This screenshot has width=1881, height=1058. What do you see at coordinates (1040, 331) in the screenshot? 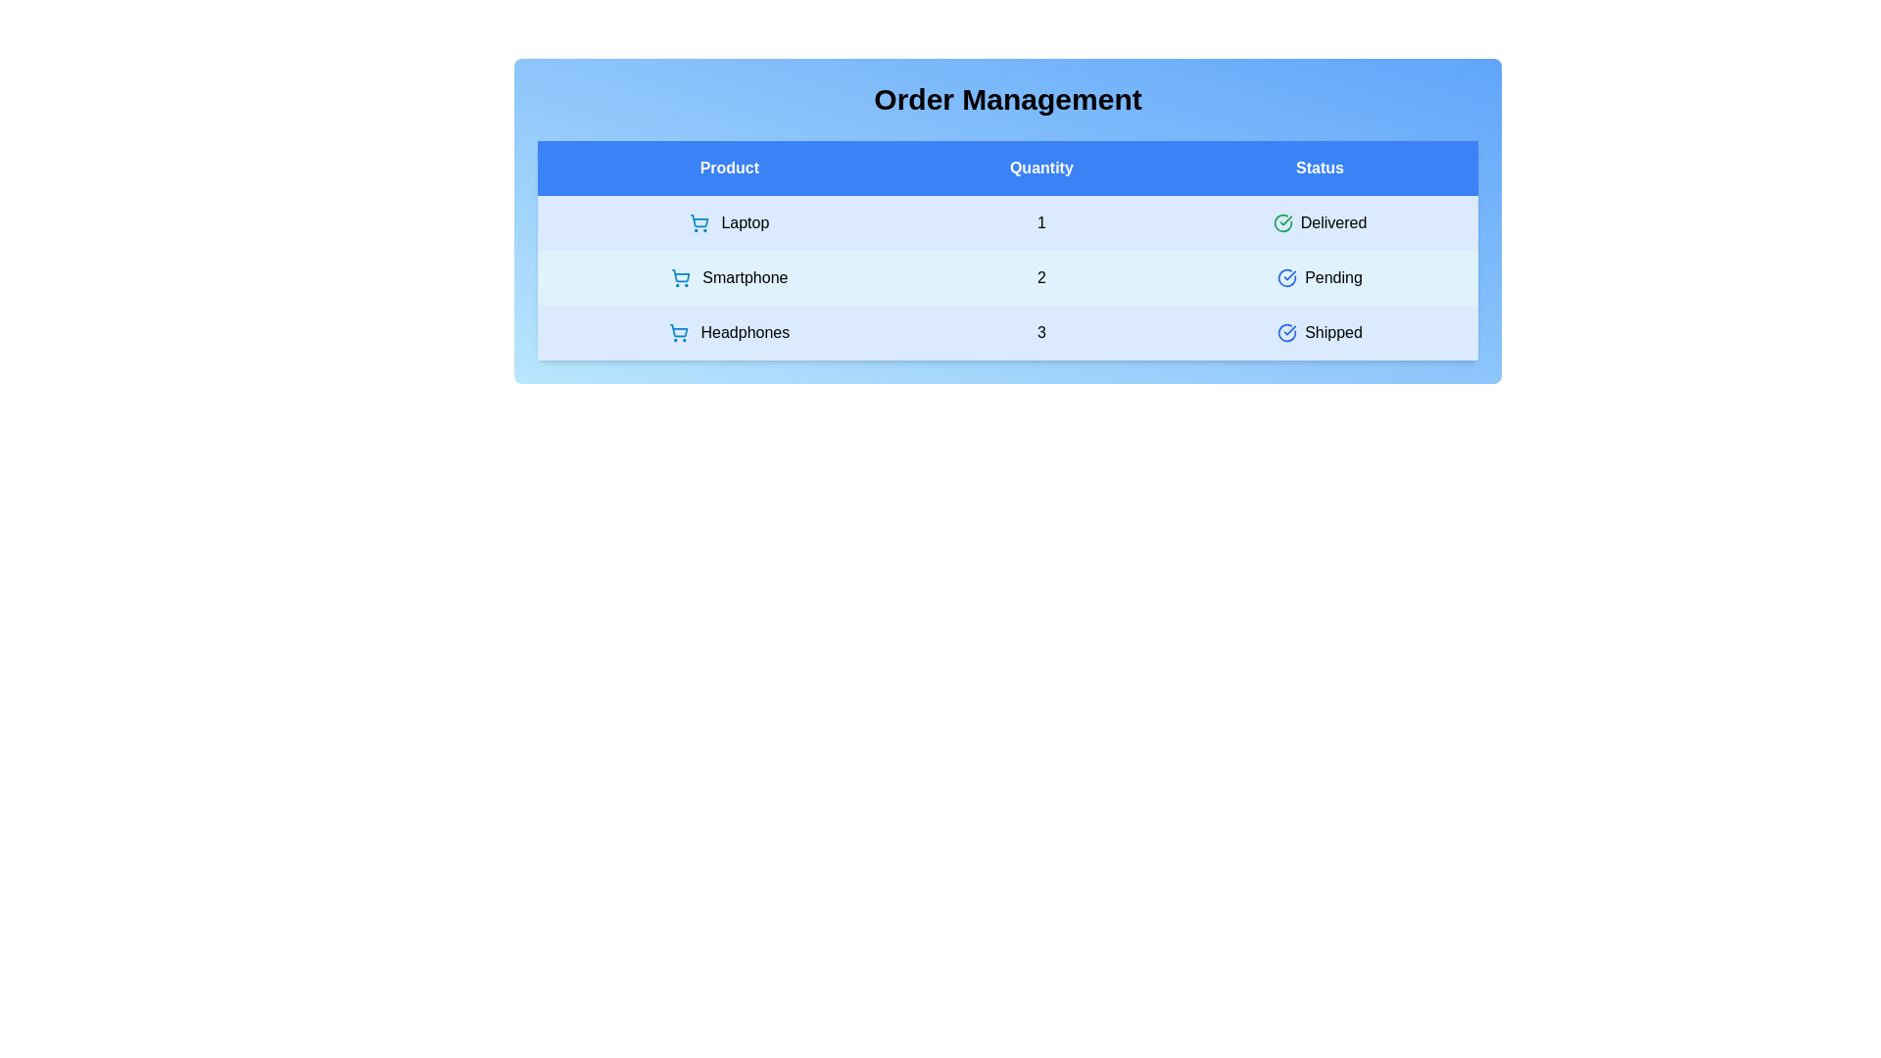
I see `the quantity cell corresponding to Headphones to edit its value` at bounding box center [1040, 331].